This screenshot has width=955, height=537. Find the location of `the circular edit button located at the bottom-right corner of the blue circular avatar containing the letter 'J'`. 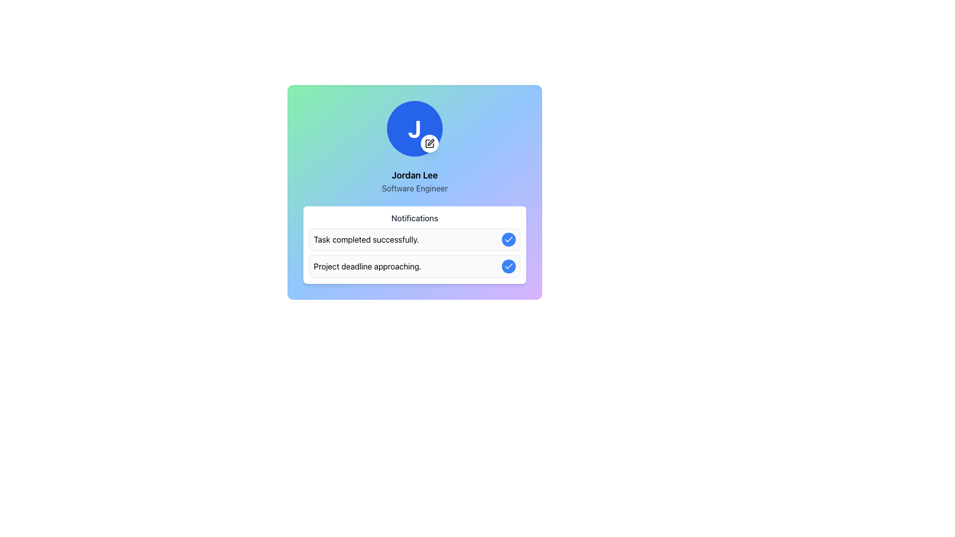

the circular edit button located at the bottom-right corner of the blue circular avatar containing the letter 'J' is located at coordinates (430, 144).